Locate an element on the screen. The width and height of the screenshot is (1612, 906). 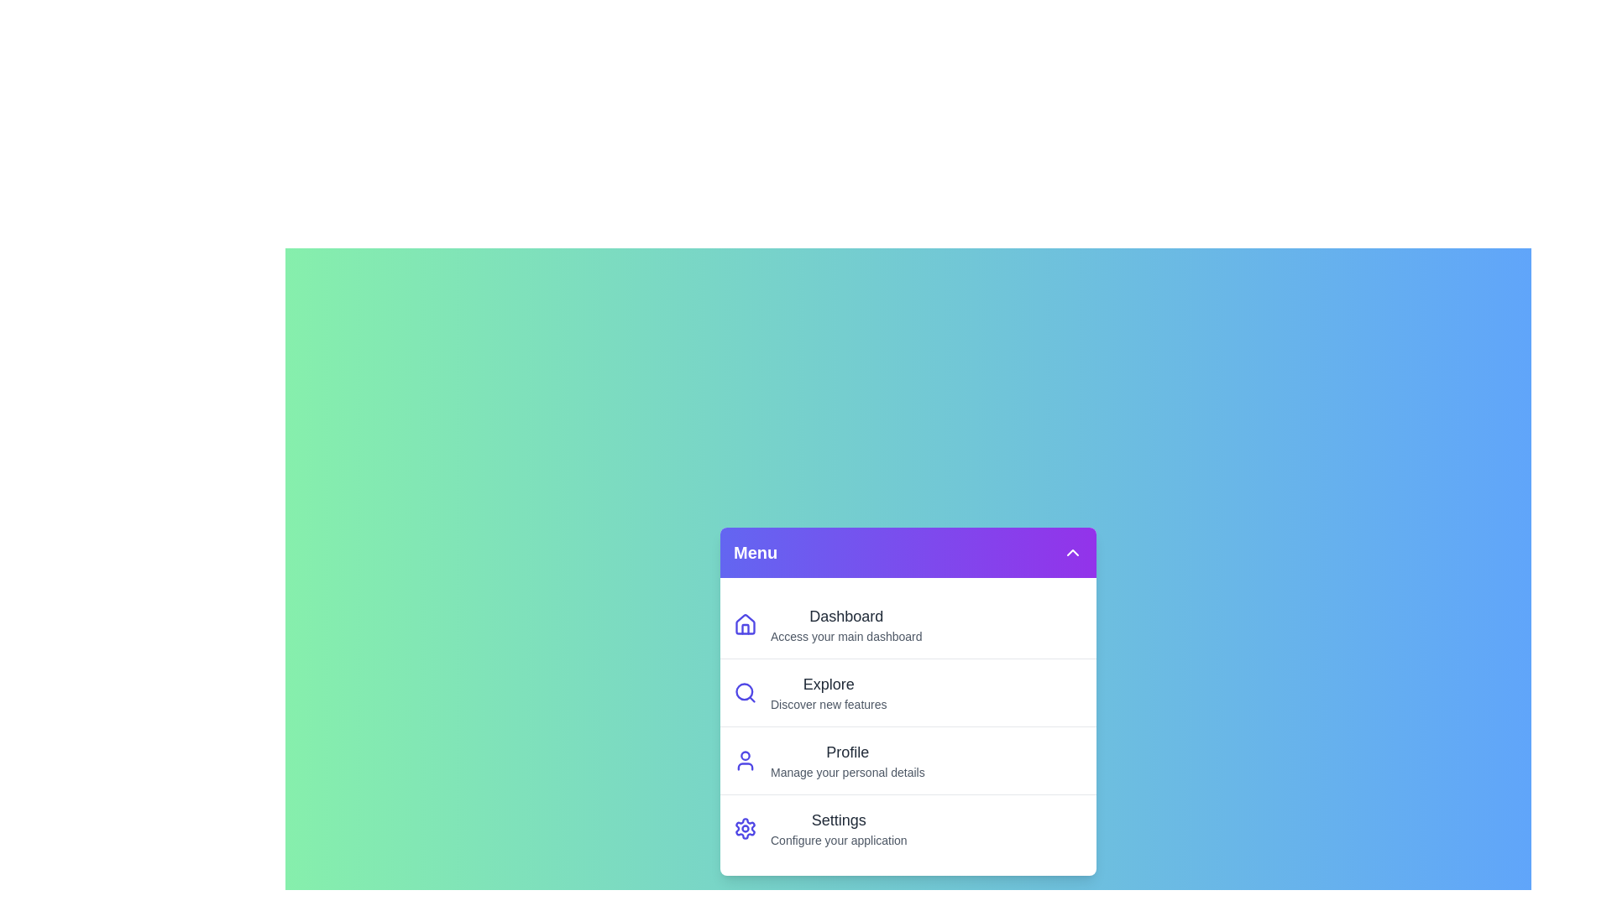
the menu item Profile from the menu is located at coordinates (907, 760).